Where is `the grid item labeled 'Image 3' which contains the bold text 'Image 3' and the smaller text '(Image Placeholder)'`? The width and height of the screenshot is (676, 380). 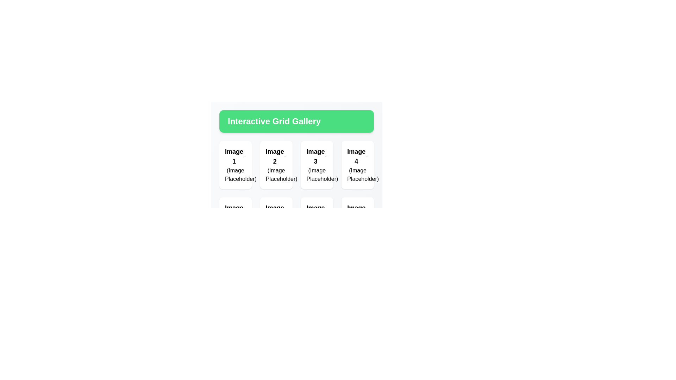
the grid item labeled 'Image 3' which contains the bold text 'Image 3' and the smaller text '(Image Placeholder)' is located at coordinates (317, 156).